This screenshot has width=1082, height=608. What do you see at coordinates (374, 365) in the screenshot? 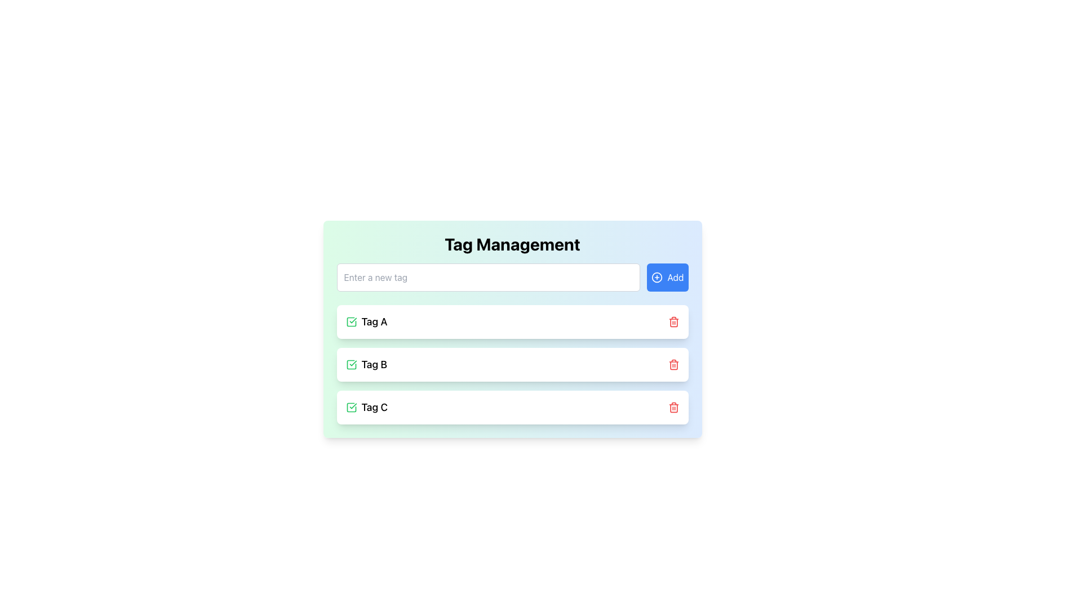
I see `the 'Tag B' text element` at bounding box center [374, 365].